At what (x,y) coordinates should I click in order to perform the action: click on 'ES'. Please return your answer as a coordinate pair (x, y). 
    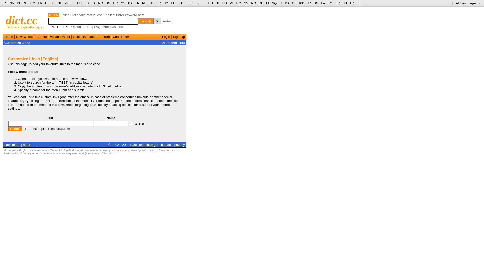
    Looking at the image, I should click on (210, 3).